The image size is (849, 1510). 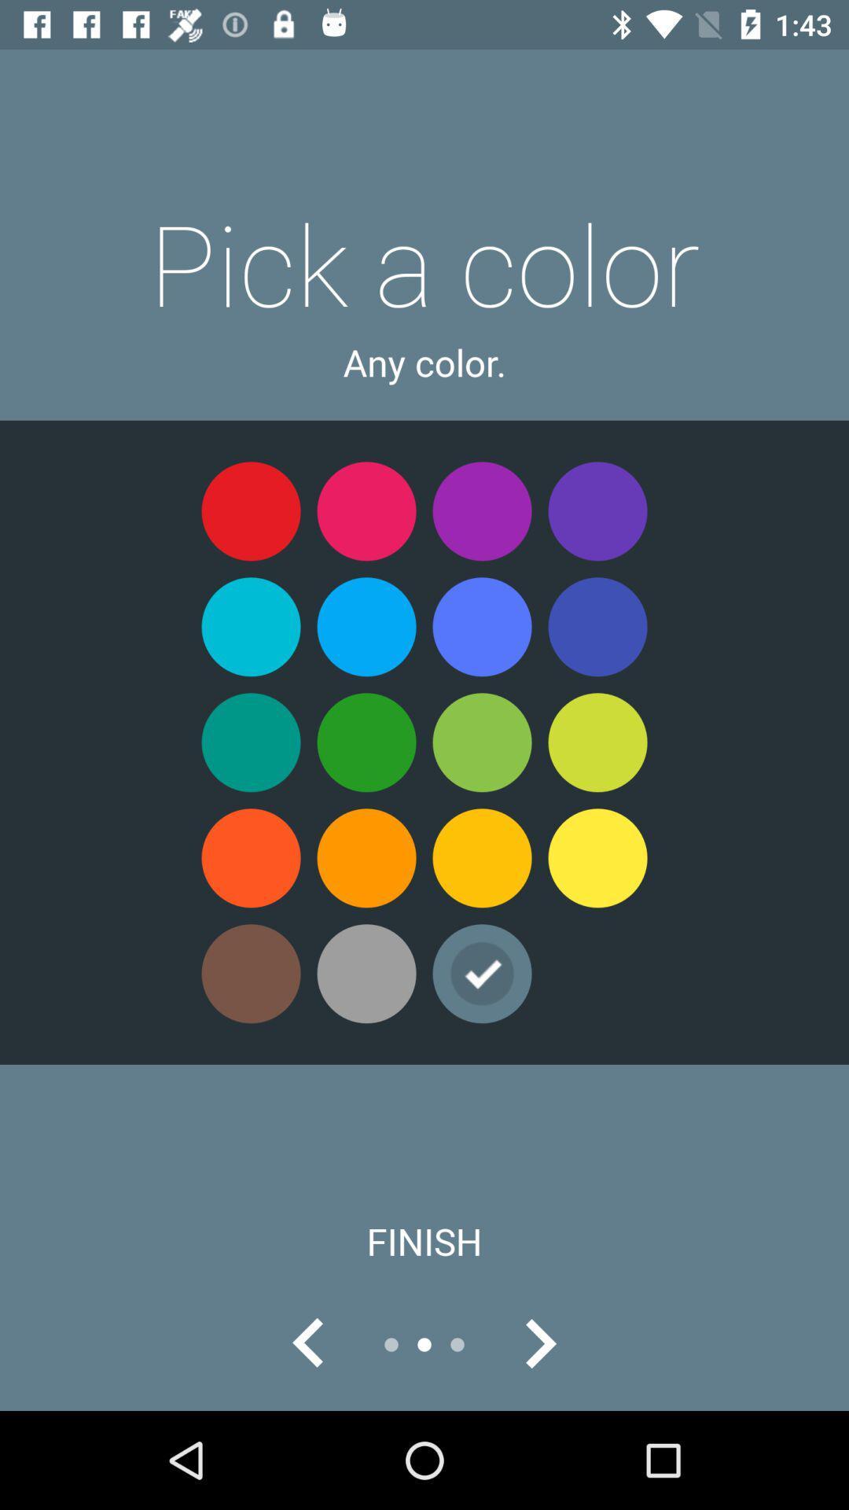 I want to click on go next, so click(x=538, y=1343).